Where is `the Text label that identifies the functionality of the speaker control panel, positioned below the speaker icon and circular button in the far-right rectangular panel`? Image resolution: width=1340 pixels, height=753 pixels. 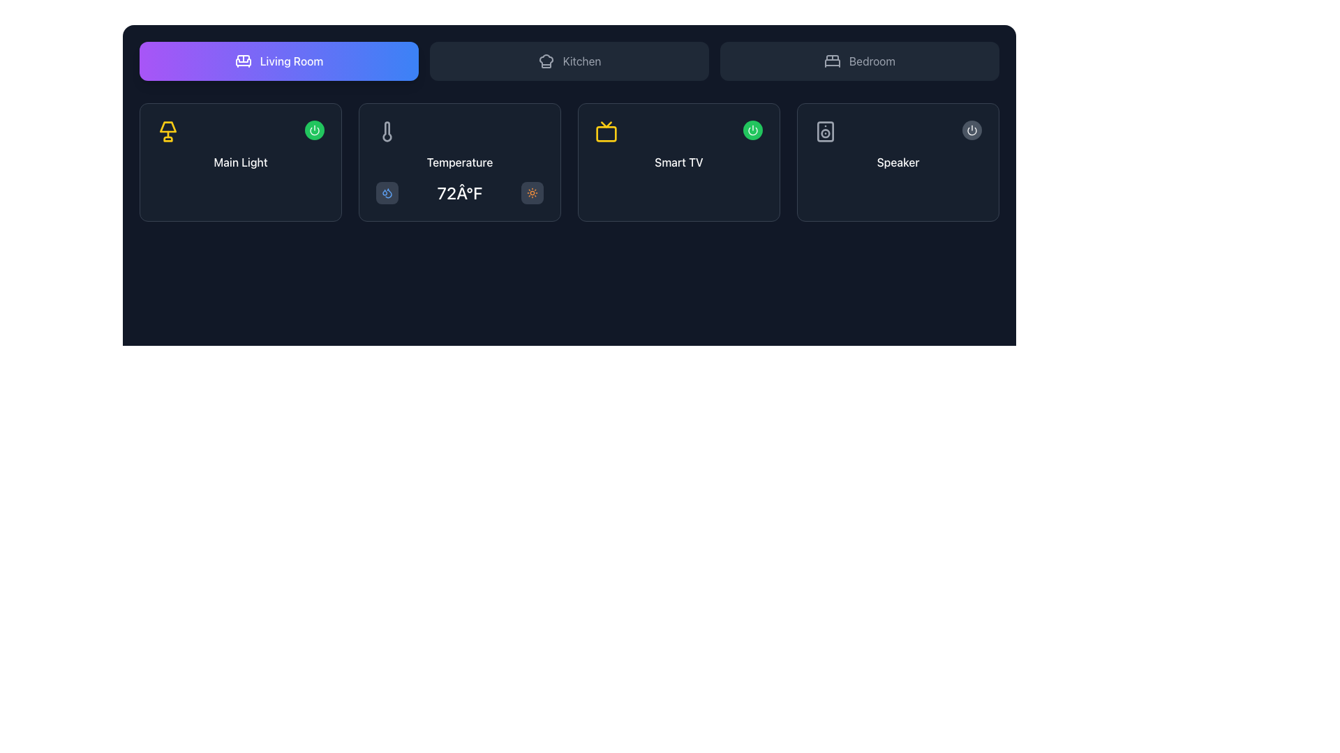 the Text label that identifies the functionality of the speaker control panel, positioned below the speaker icon and circular button in the far-right rectangular panel is located at coordinates (898, 161).